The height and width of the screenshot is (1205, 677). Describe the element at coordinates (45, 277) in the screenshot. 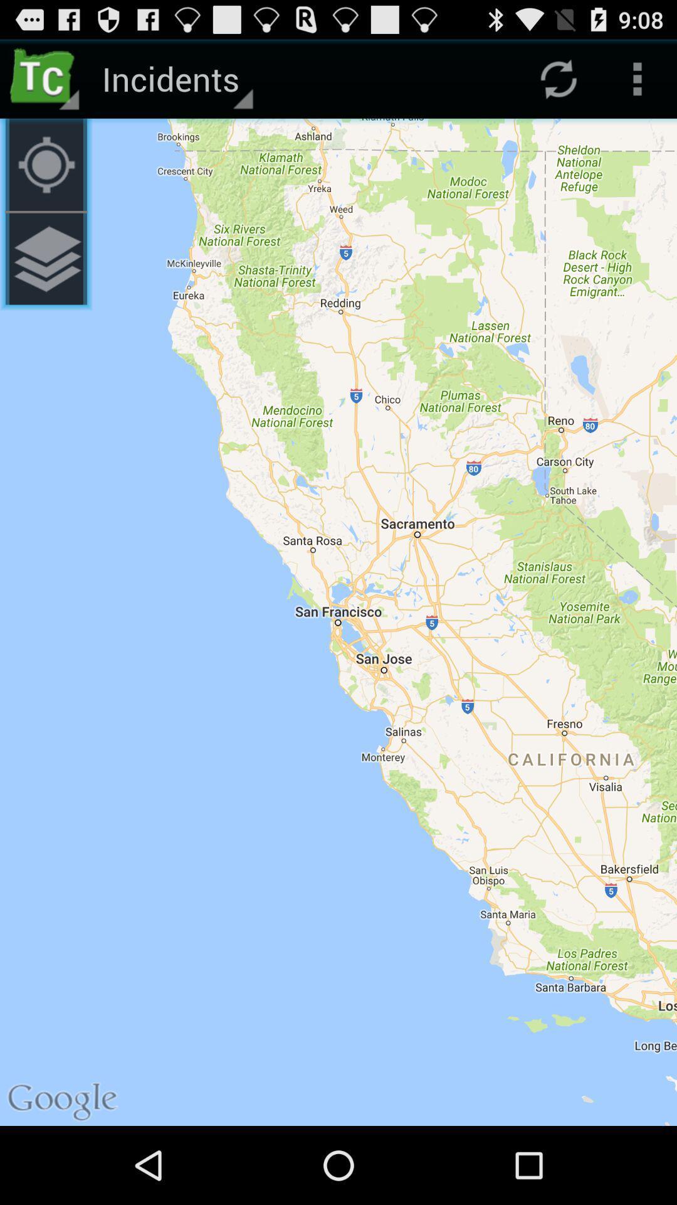

I see `the layers icon` at that location.